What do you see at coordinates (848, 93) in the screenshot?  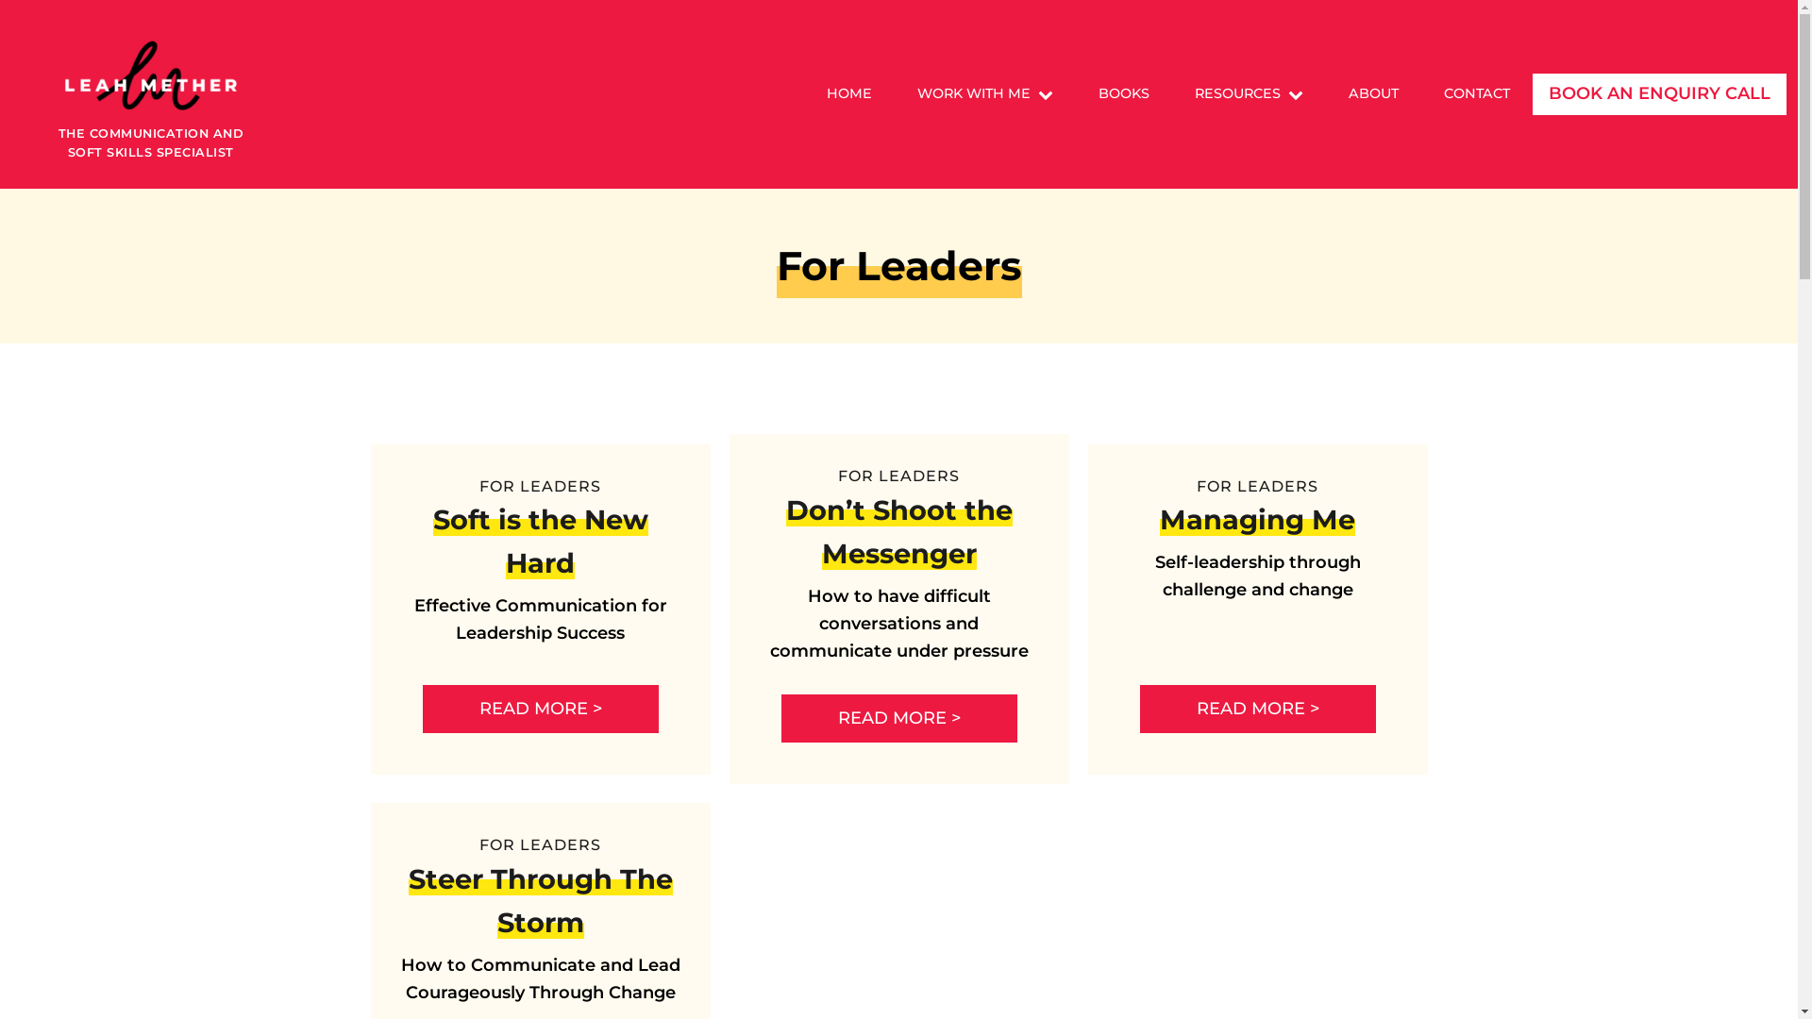 I see `'HOME'` at bounding box center [848, 93].